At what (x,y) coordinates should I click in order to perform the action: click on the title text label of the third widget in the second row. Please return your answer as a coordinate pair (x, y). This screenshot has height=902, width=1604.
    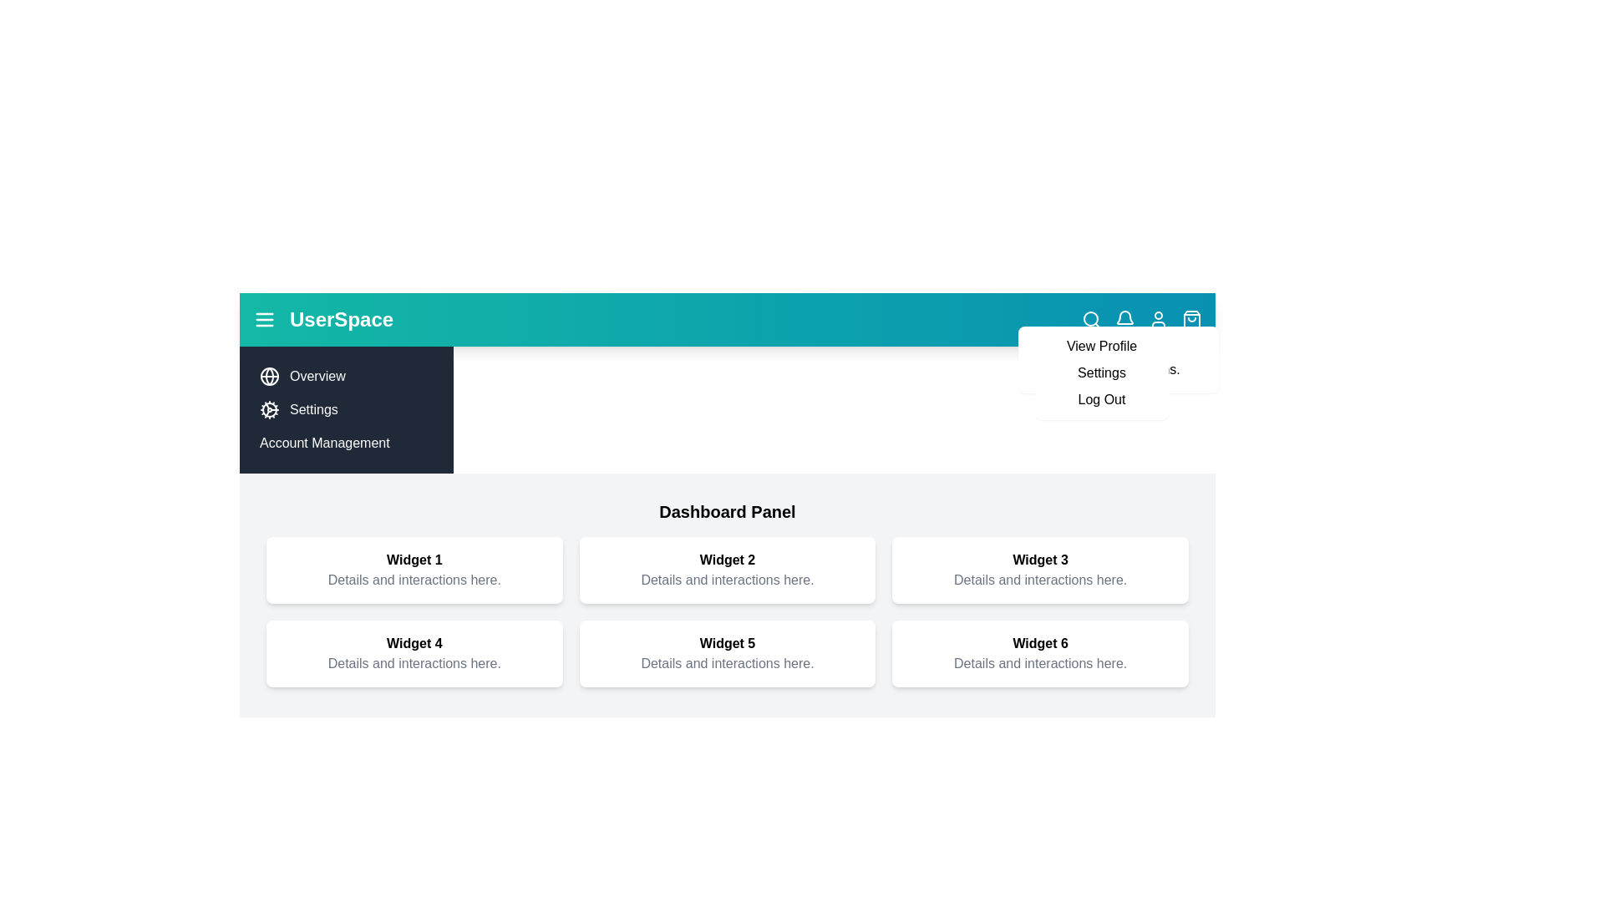
    Looking at the image, I should click on (1039, 560).